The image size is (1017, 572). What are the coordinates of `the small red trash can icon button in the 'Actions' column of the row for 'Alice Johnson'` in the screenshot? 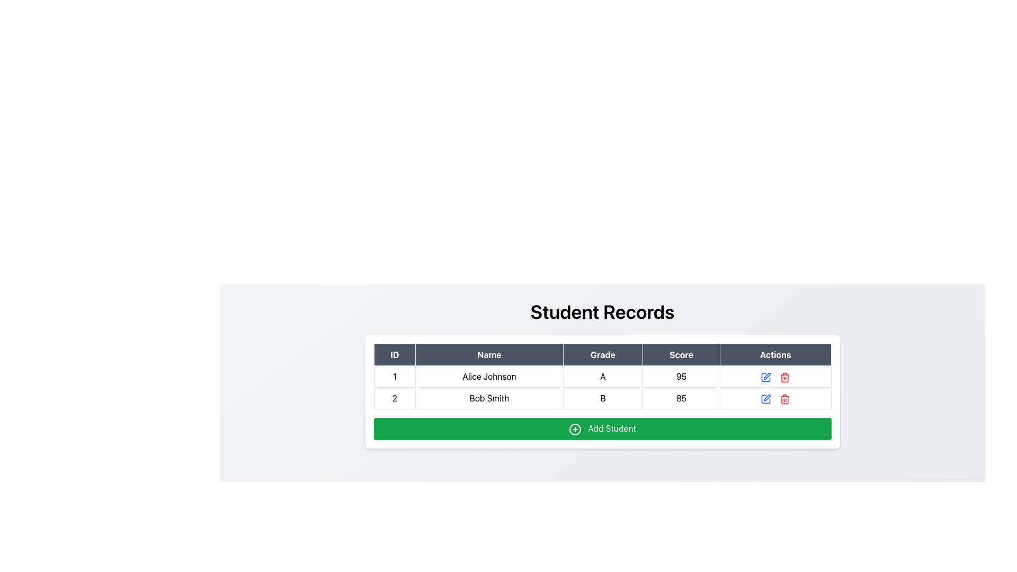 It's located at (785, 376).